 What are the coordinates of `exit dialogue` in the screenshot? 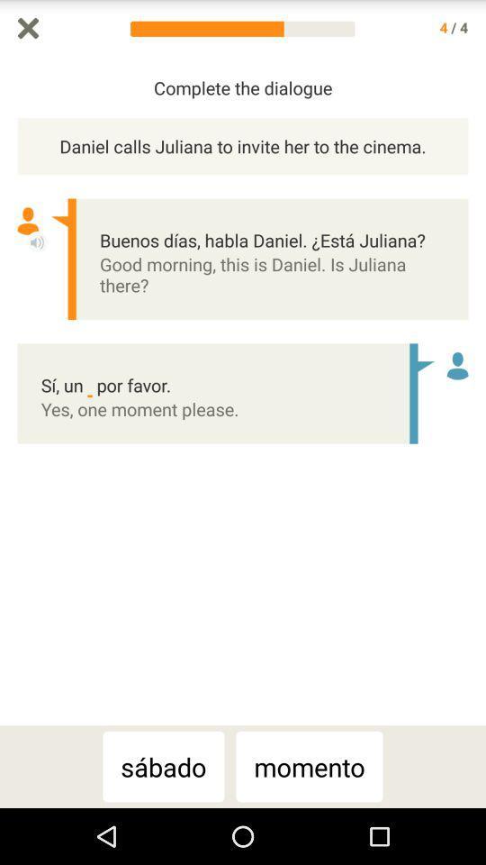 It's located at (27, 27).